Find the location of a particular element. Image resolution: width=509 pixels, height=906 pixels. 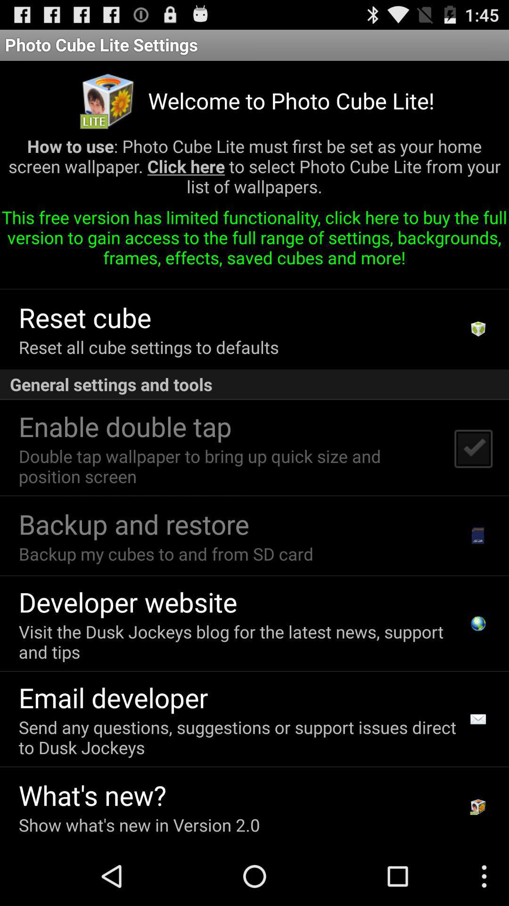

icon above reset cube icon is located at coordinates (183, 277).